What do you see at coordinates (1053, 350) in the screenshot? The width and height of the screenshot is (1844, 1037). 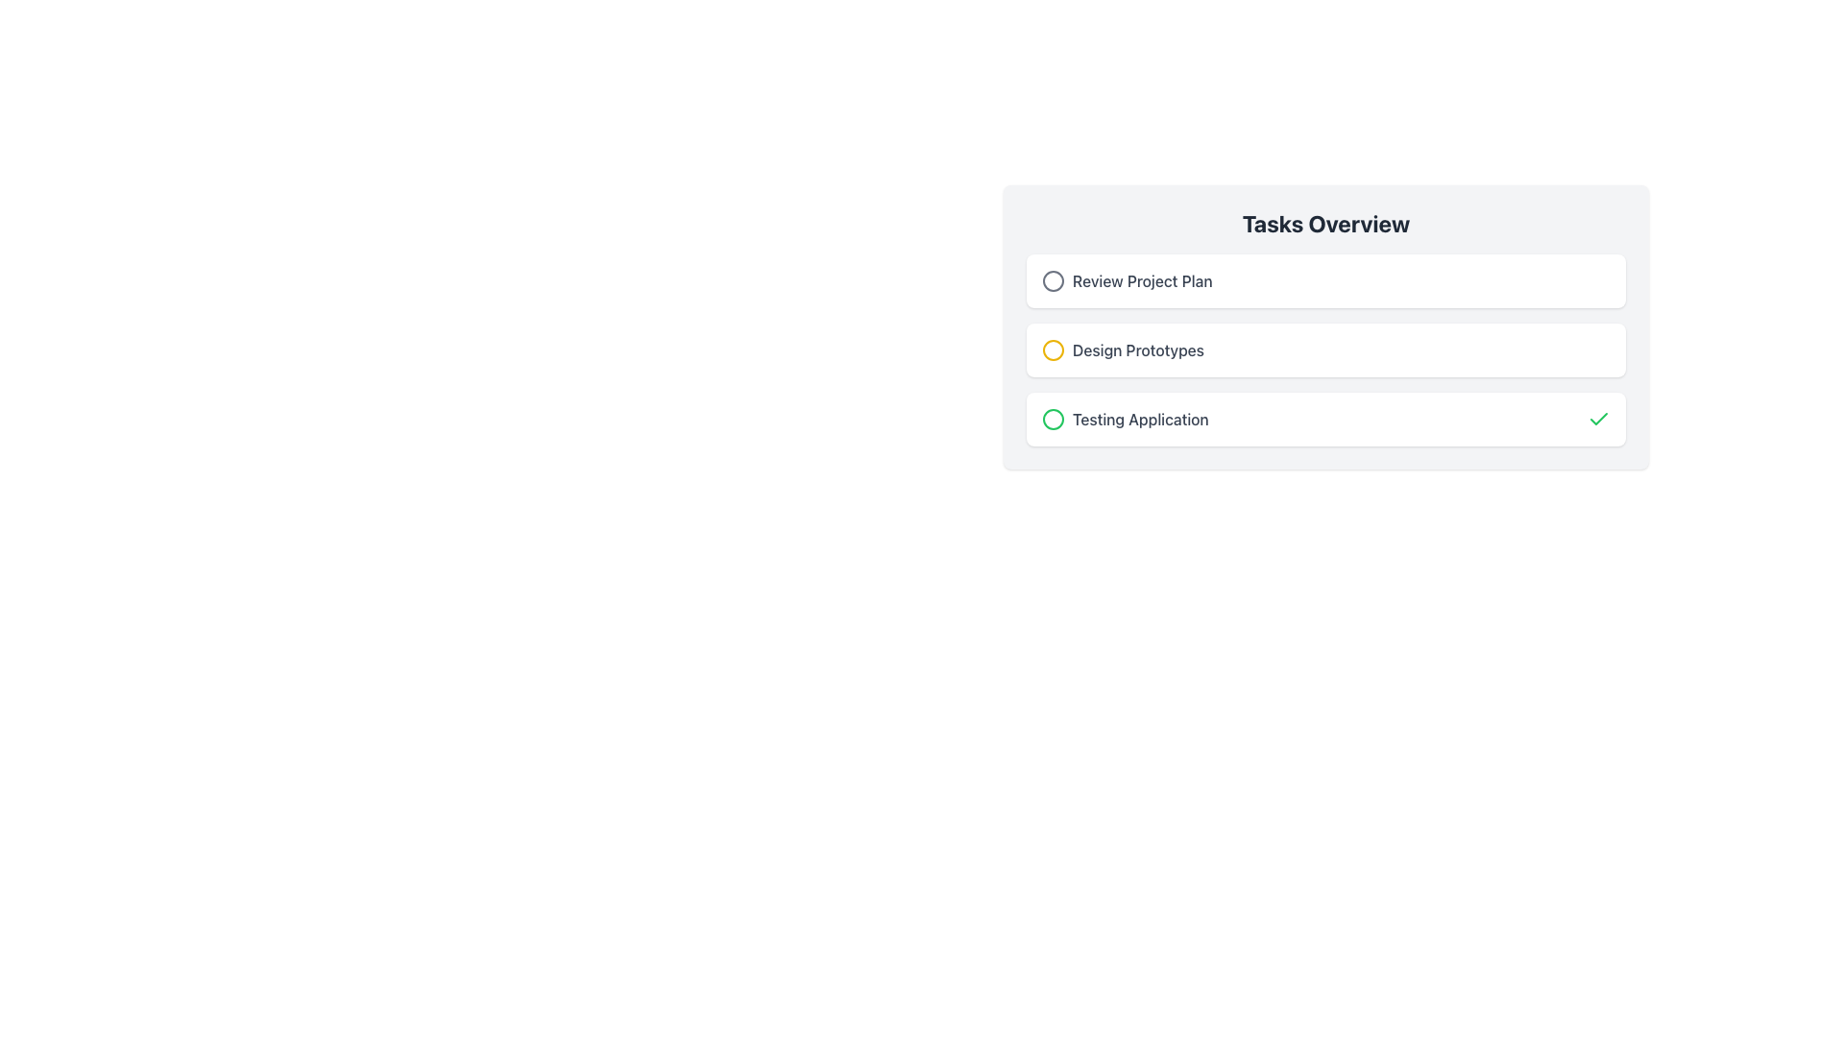 I see `the inner circular marker of the yellow circular icon beside the task 'Design Prototypes' in the 'Tasks Overview' list` at bounding box center [1053, 350].